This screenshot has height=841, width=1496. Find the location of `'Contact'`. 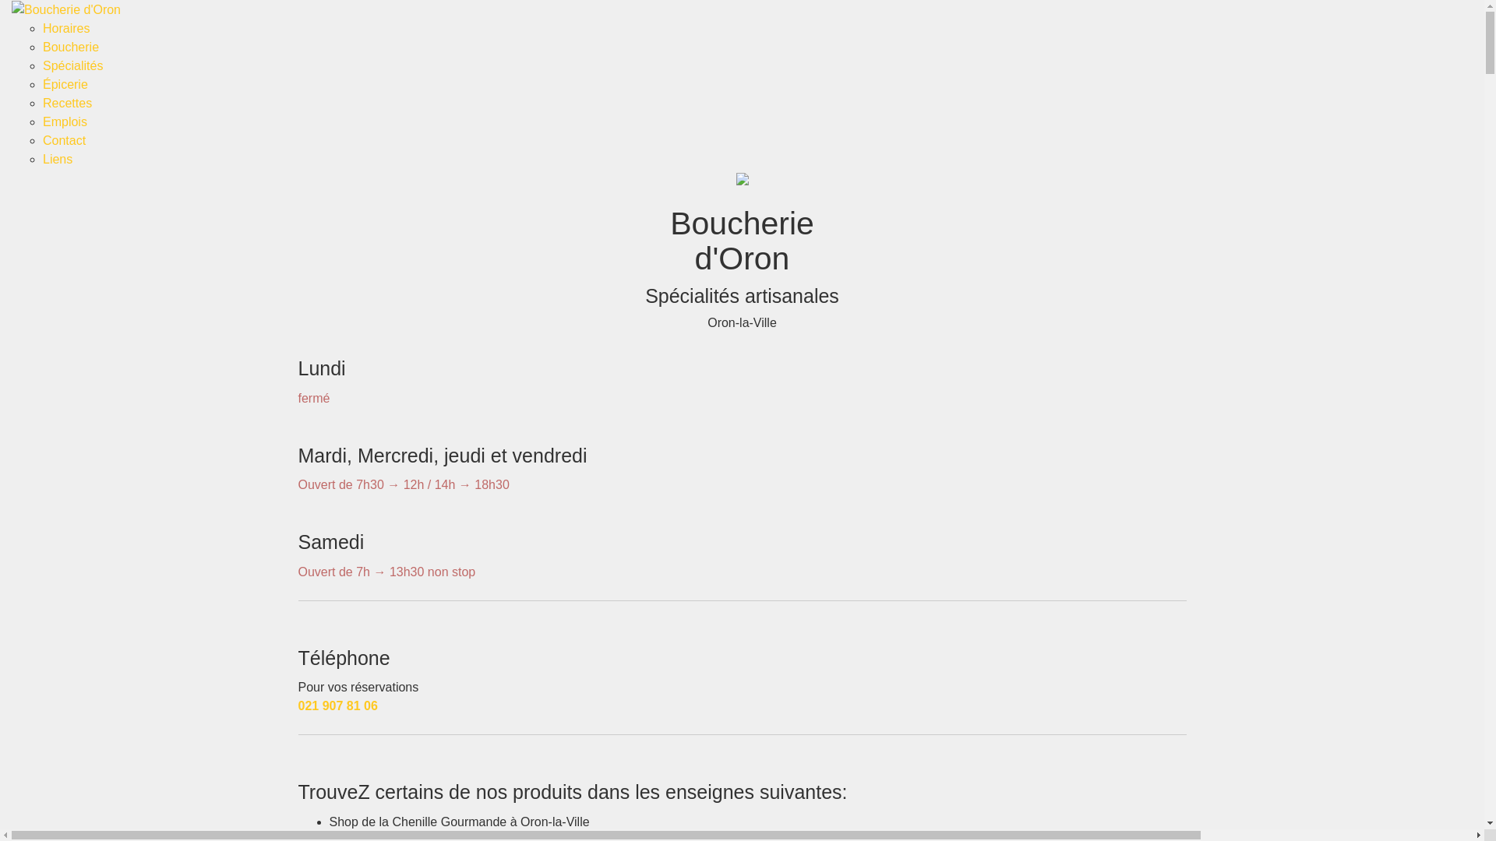

'Contact' is located at coordinates (42, 140).